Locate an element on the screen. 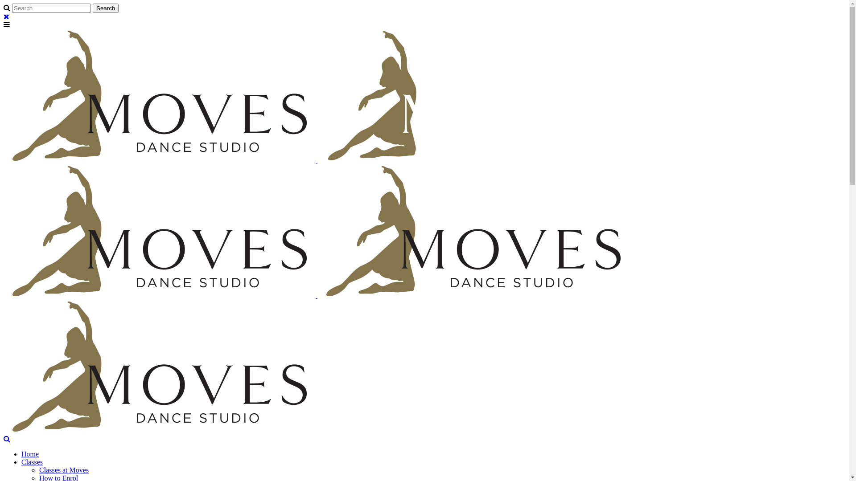 The image size is (856, 481). 'Classes at Moves' is located at coordinates (63, 469).